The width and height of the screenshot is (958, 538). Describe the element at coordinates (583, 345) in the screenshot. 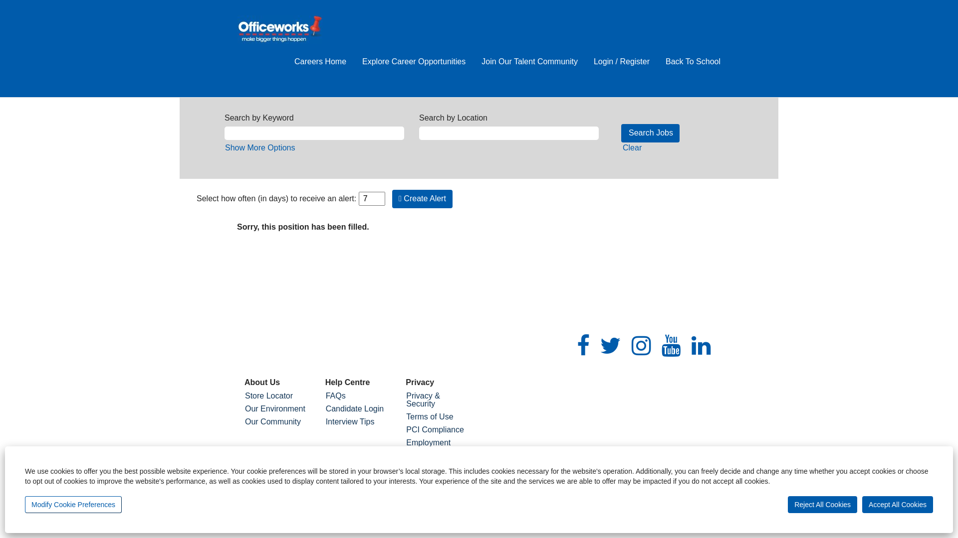

I see `'facebook'` at that location.